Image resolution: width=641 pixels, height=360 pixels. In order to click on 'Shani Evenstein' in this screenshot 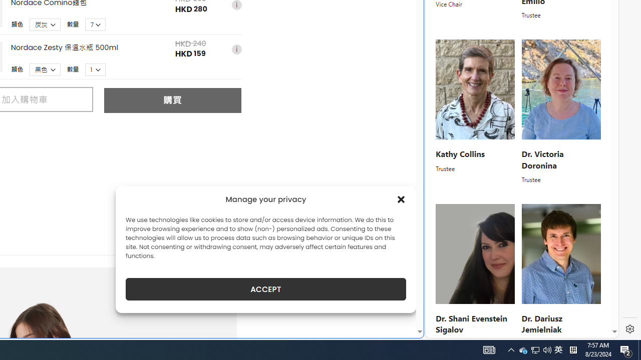, I will do `click(475, 253)`.